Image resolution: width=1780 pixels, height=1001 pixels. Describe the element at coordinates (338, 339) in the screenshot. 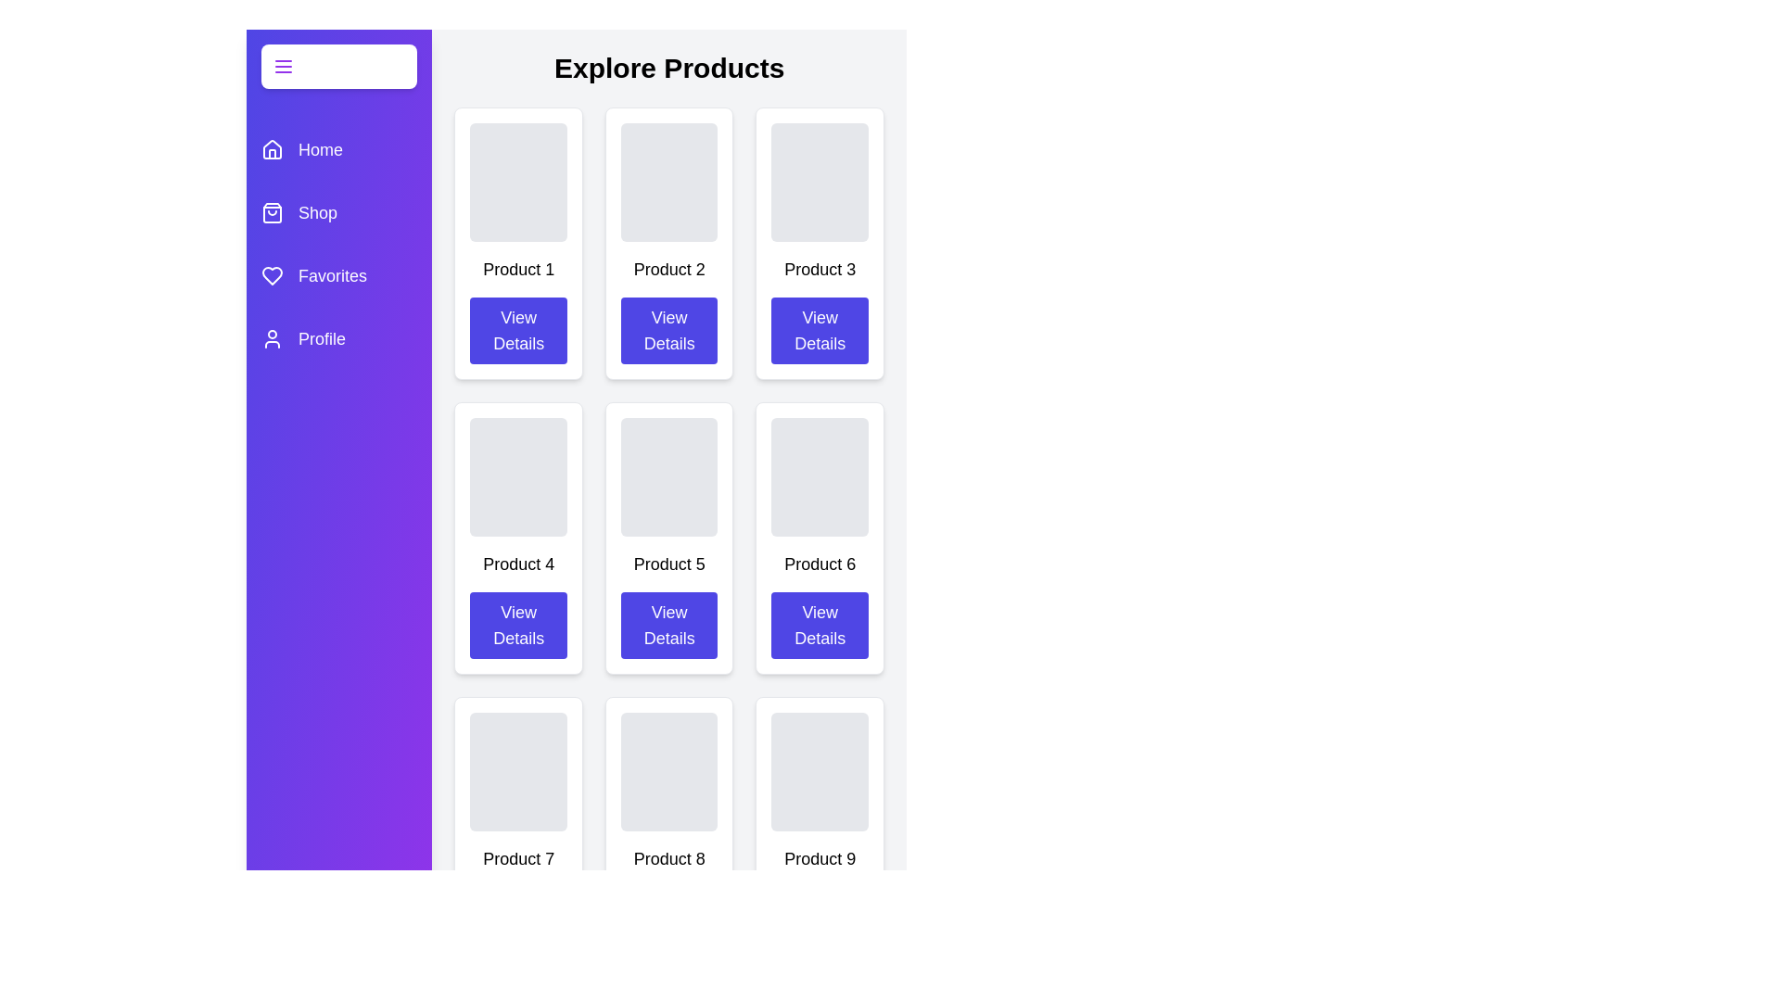

I see `the category Profile in the drawer to highlight it` at that location.